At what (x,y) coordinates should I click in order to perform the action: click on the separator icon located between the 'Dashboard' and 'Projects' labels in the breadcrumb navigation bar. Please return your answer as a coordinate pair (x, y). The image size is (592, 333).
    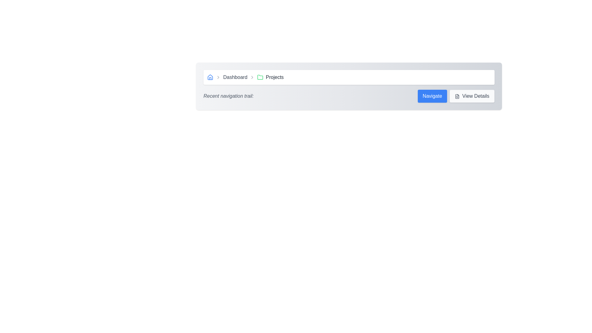
    Looking at the image, I should click on (218, 77).